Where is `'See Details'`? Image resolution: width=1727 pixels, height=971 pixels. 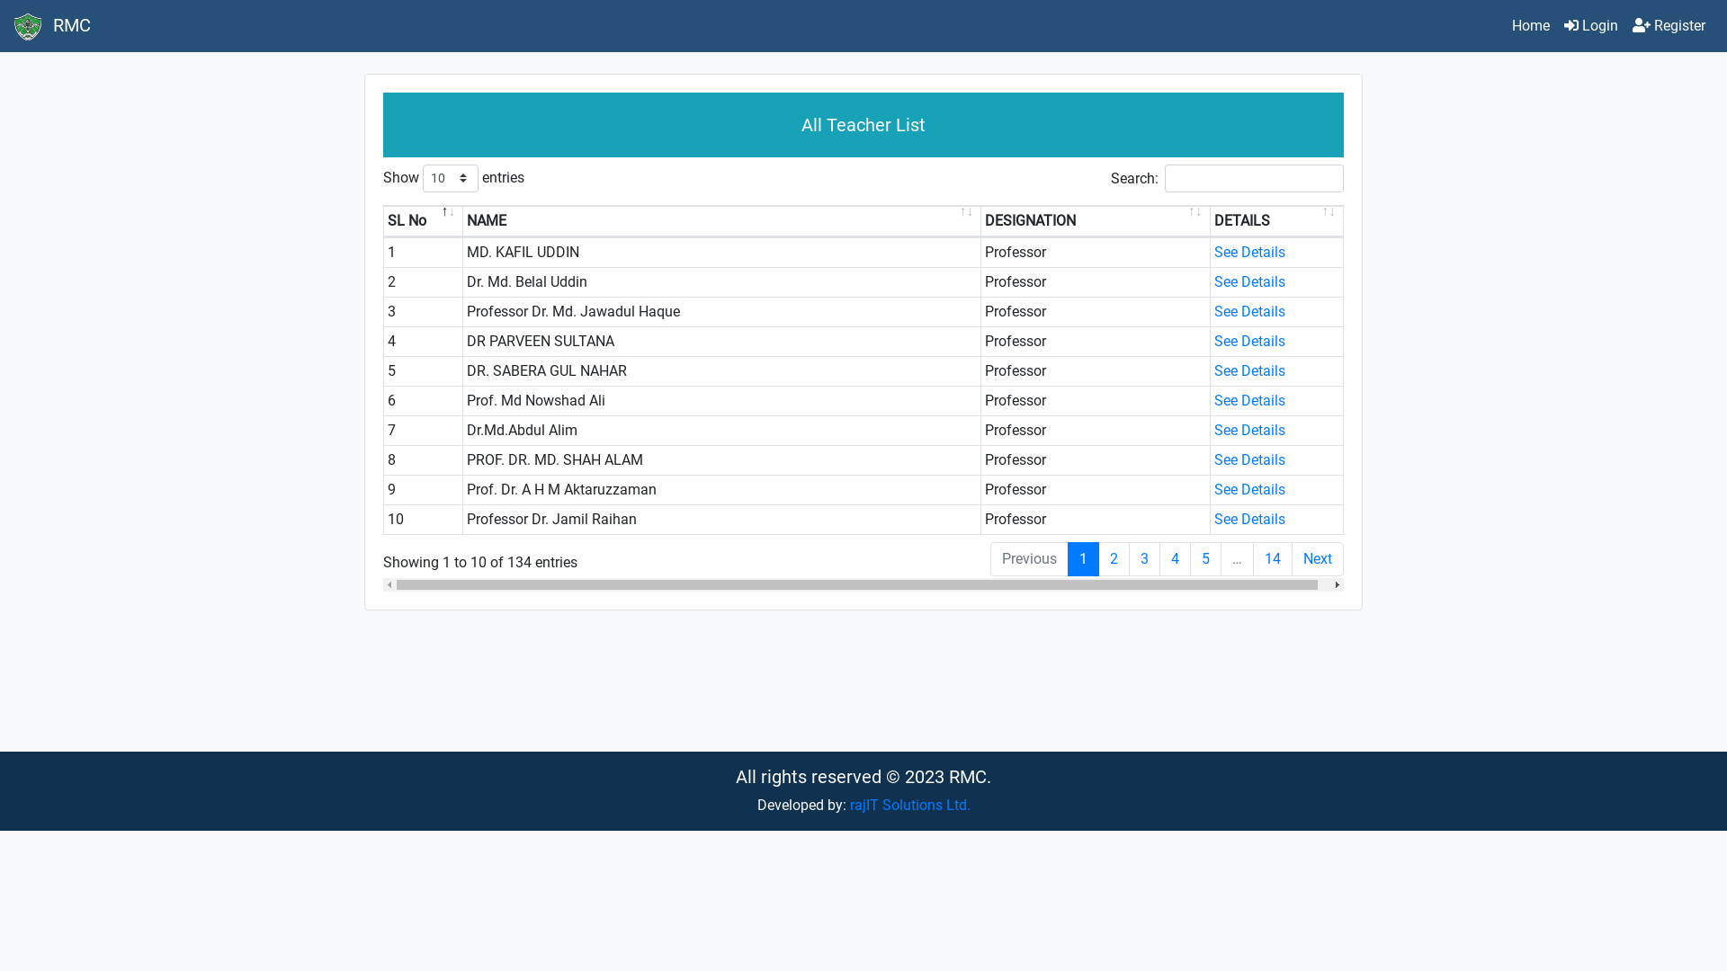 'See Details' is located at coordinates (1213, 252).